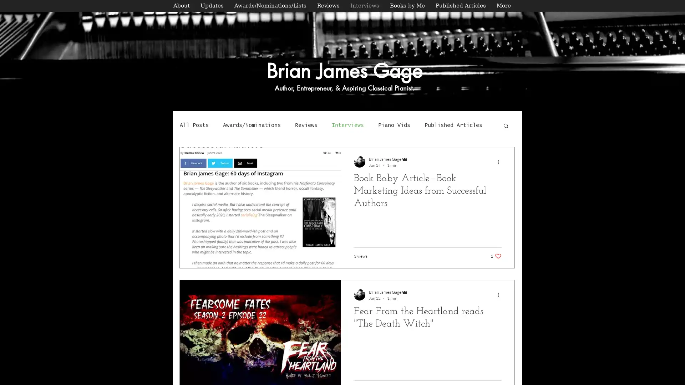  What do you see at coordinates (347, 125) in the screenshot?
I see `Interviews` at bounding box center [347, 125].